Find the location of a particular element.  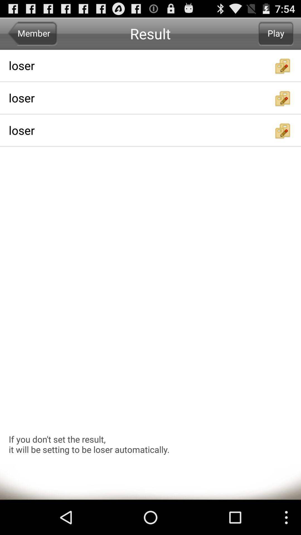

shares a folder is located at coordinates (283, 98).